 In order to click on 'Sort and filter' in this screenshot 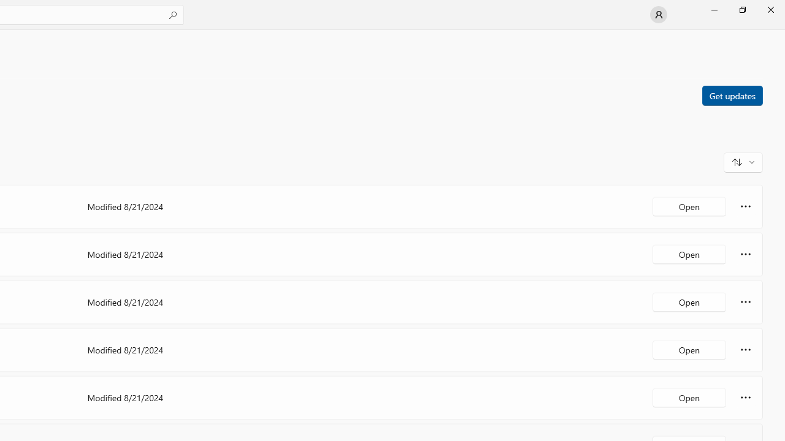, I will do `click(743, 161)`.